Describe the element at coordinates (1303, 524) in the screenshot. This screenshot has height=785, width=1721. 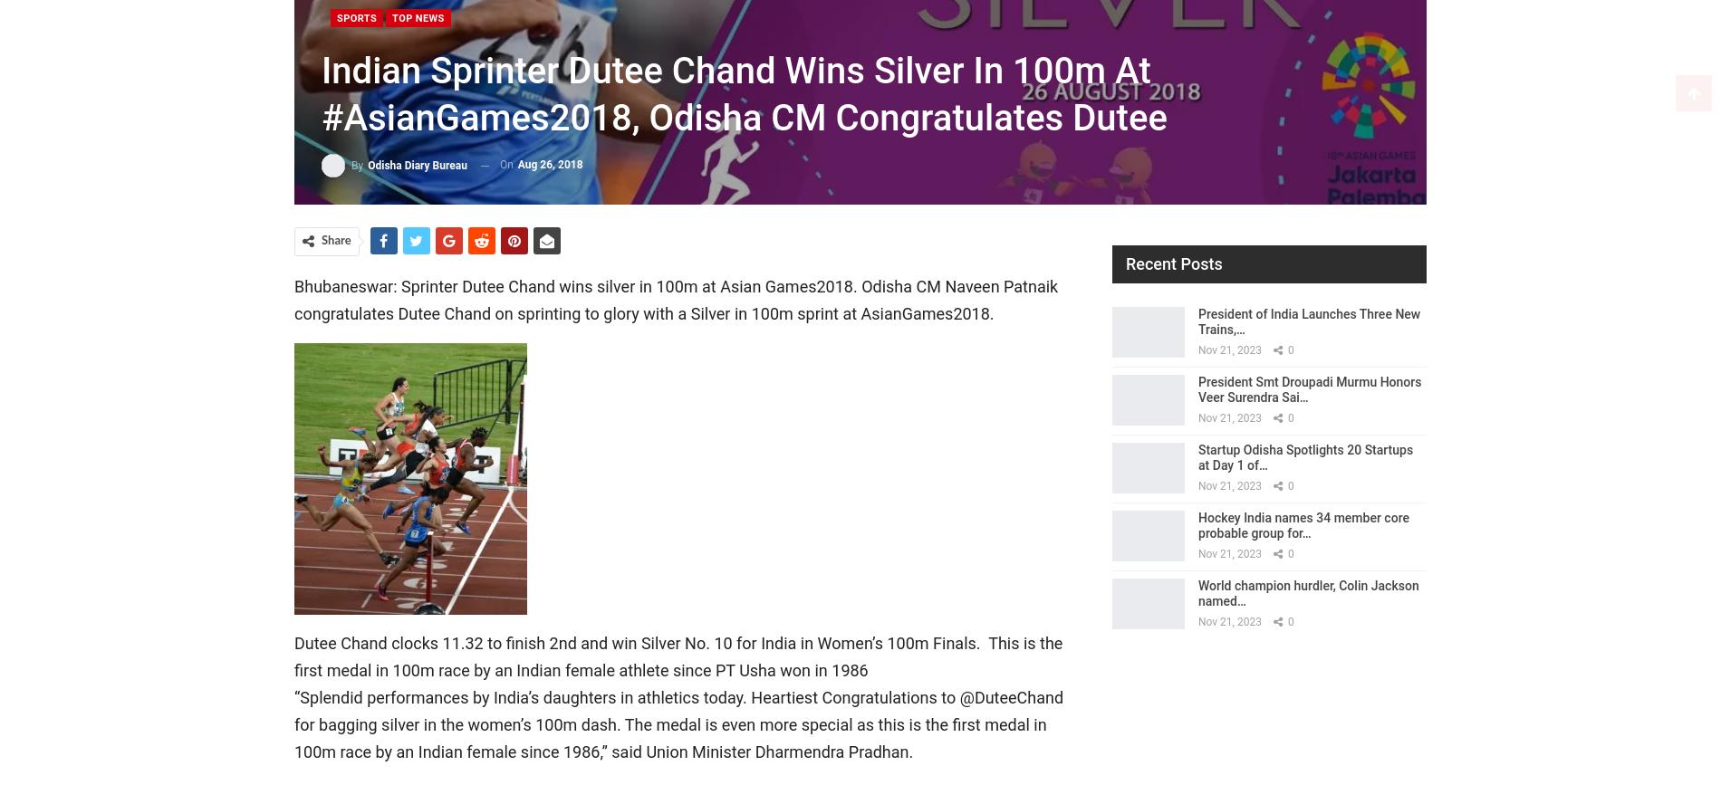
I see `'Hockey India names 34 member core probable group for…'` at that location.